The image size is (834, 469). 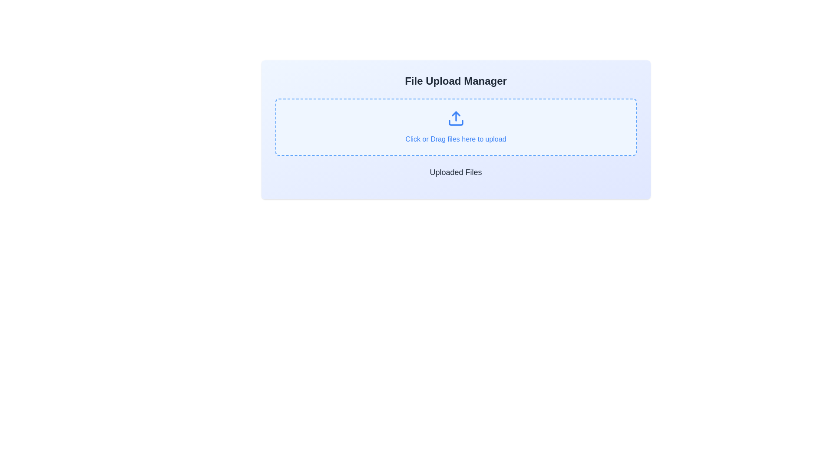 I want to click on the graphical icon segment that forms the base of the upload icon within the file uploading interface, so click(x=455, y=122).